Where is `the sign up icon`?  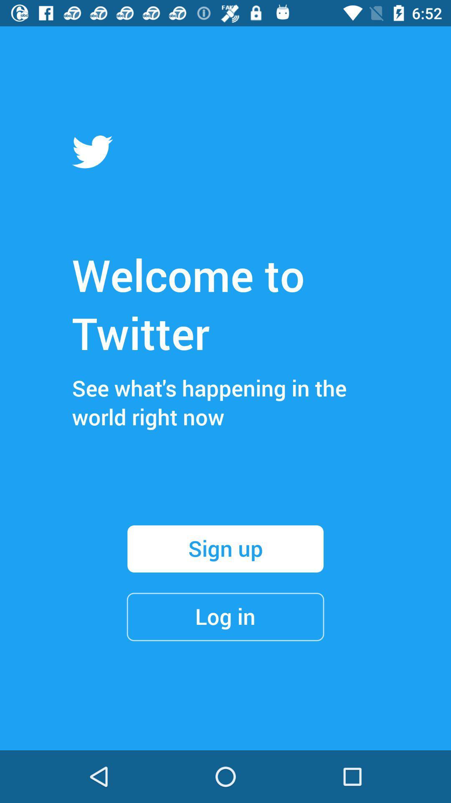
the sign up icon is located at coordinates (225, 549).